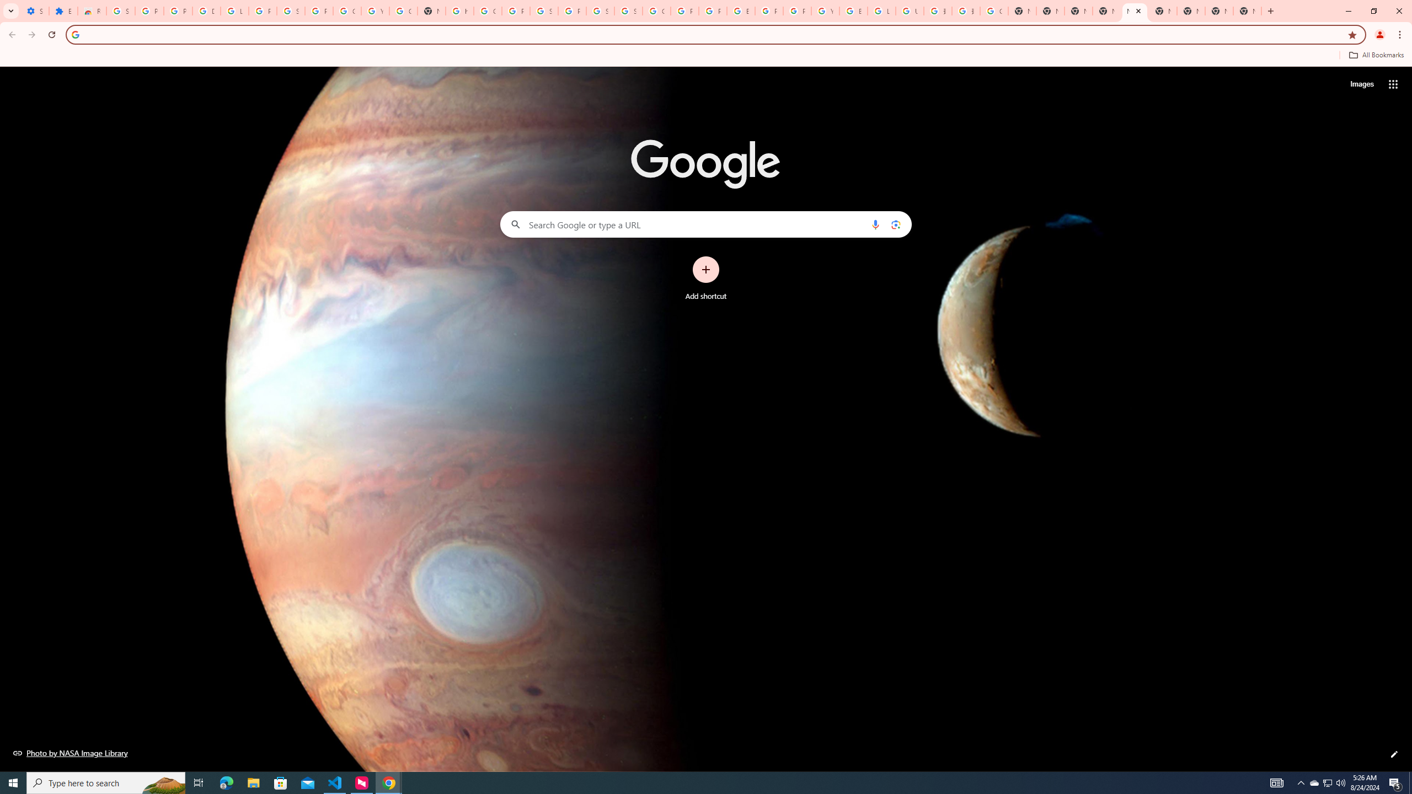  I want to click on 'Sign in - Google Accounts', so click(120, 10).